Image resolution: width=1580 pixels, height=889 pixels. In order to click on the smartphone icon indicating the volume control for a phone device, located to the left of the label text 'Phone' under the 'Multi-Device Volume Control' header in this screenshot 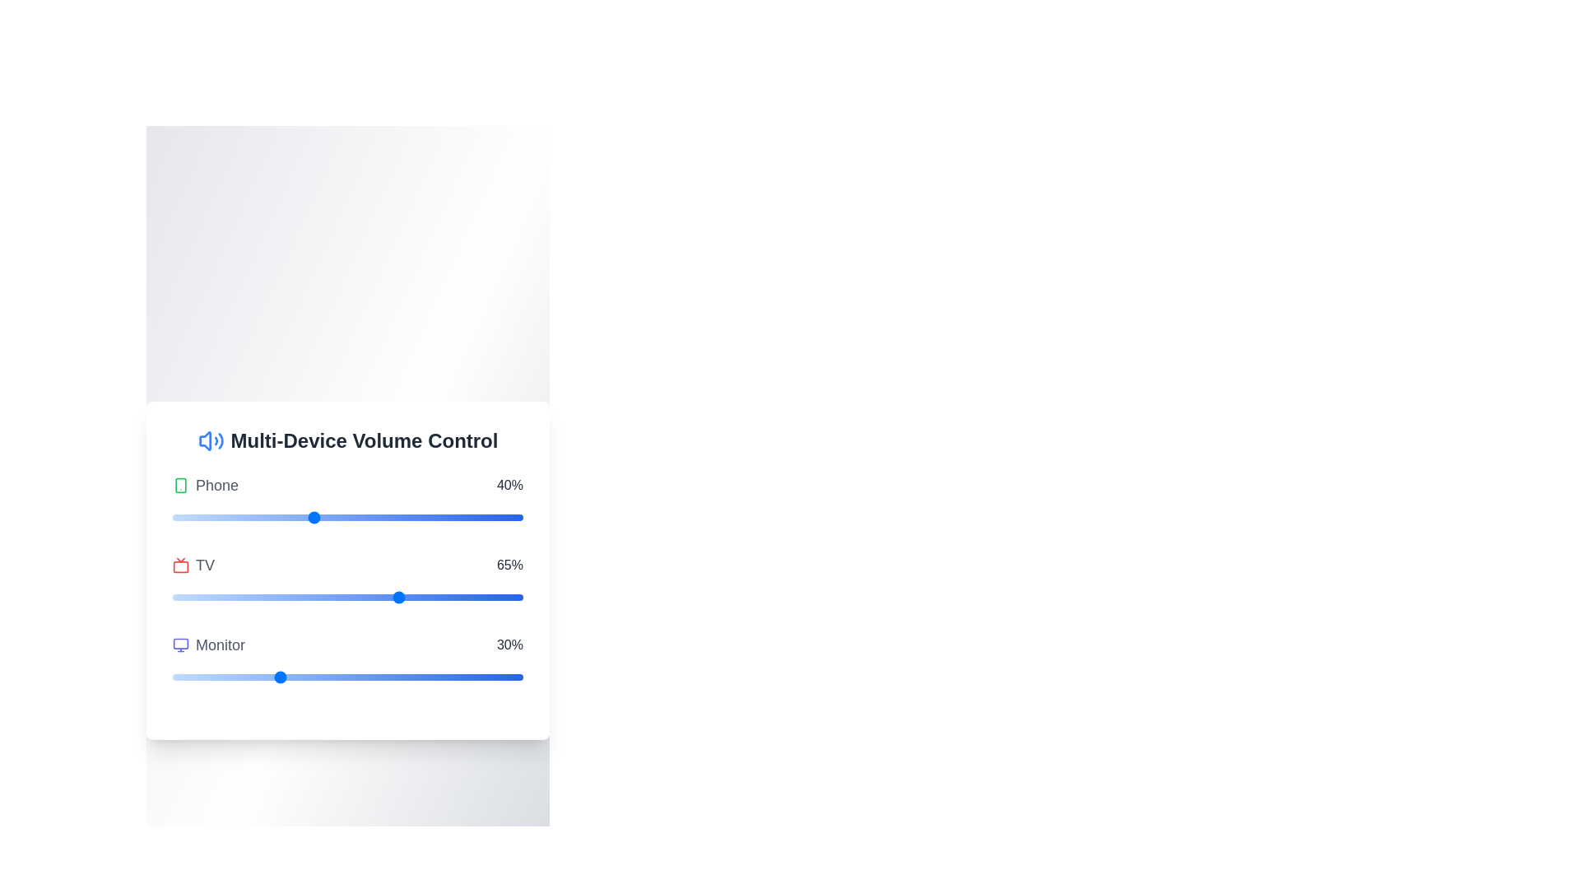, I will do `click(181, 484)`.